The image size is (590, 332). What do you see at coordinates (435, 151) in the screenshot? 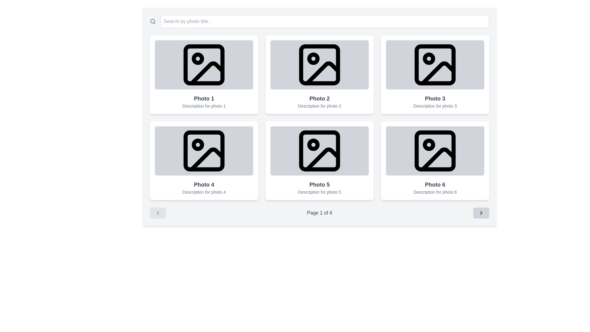
I see `the icon or placeholder image for the content card titled 'Photo 6', located in the bottom-right corner of the grid layout as the first item in the second row` at bounding box center [435, 151].